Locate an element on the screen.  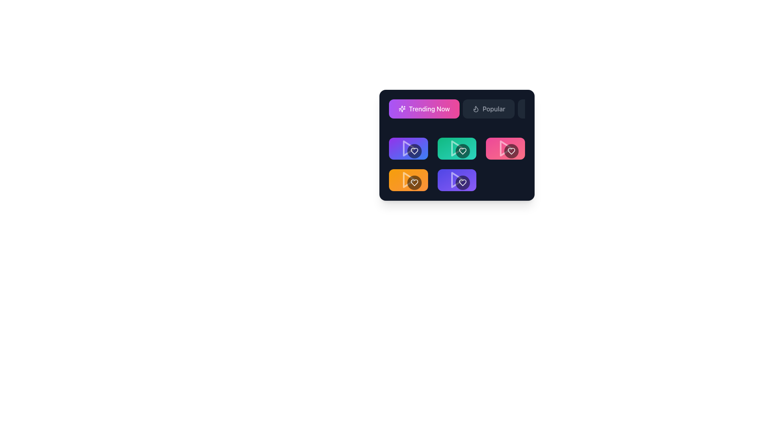
the rounded rectangular button with a gradient pink background and white text '445K', featuring a thumbs-up icon on its left side, positioned as the second item in a horizontal row of buttons is located at coordinates (511, 145).